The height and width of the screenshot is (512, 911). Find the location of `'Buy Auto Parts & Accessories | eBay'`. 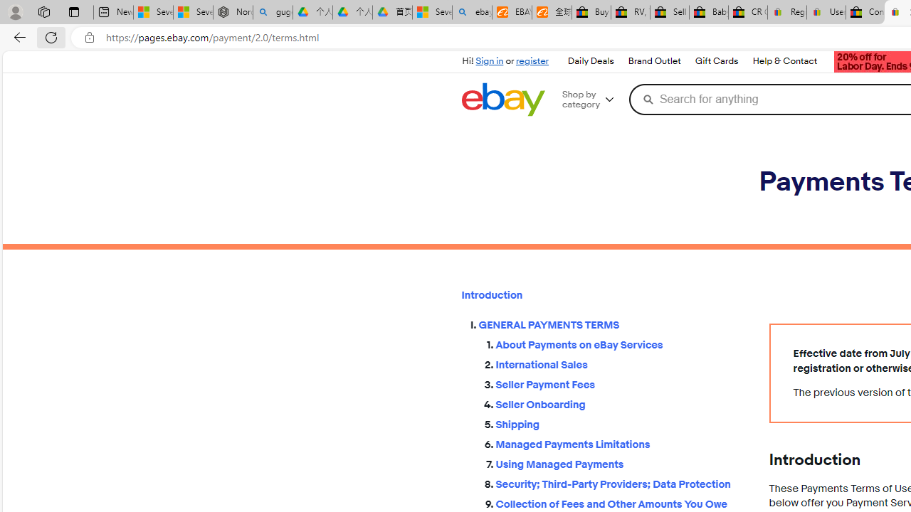

'Buy Auto Parts & Accessories | eBay' is located at coordinates (591, 12).